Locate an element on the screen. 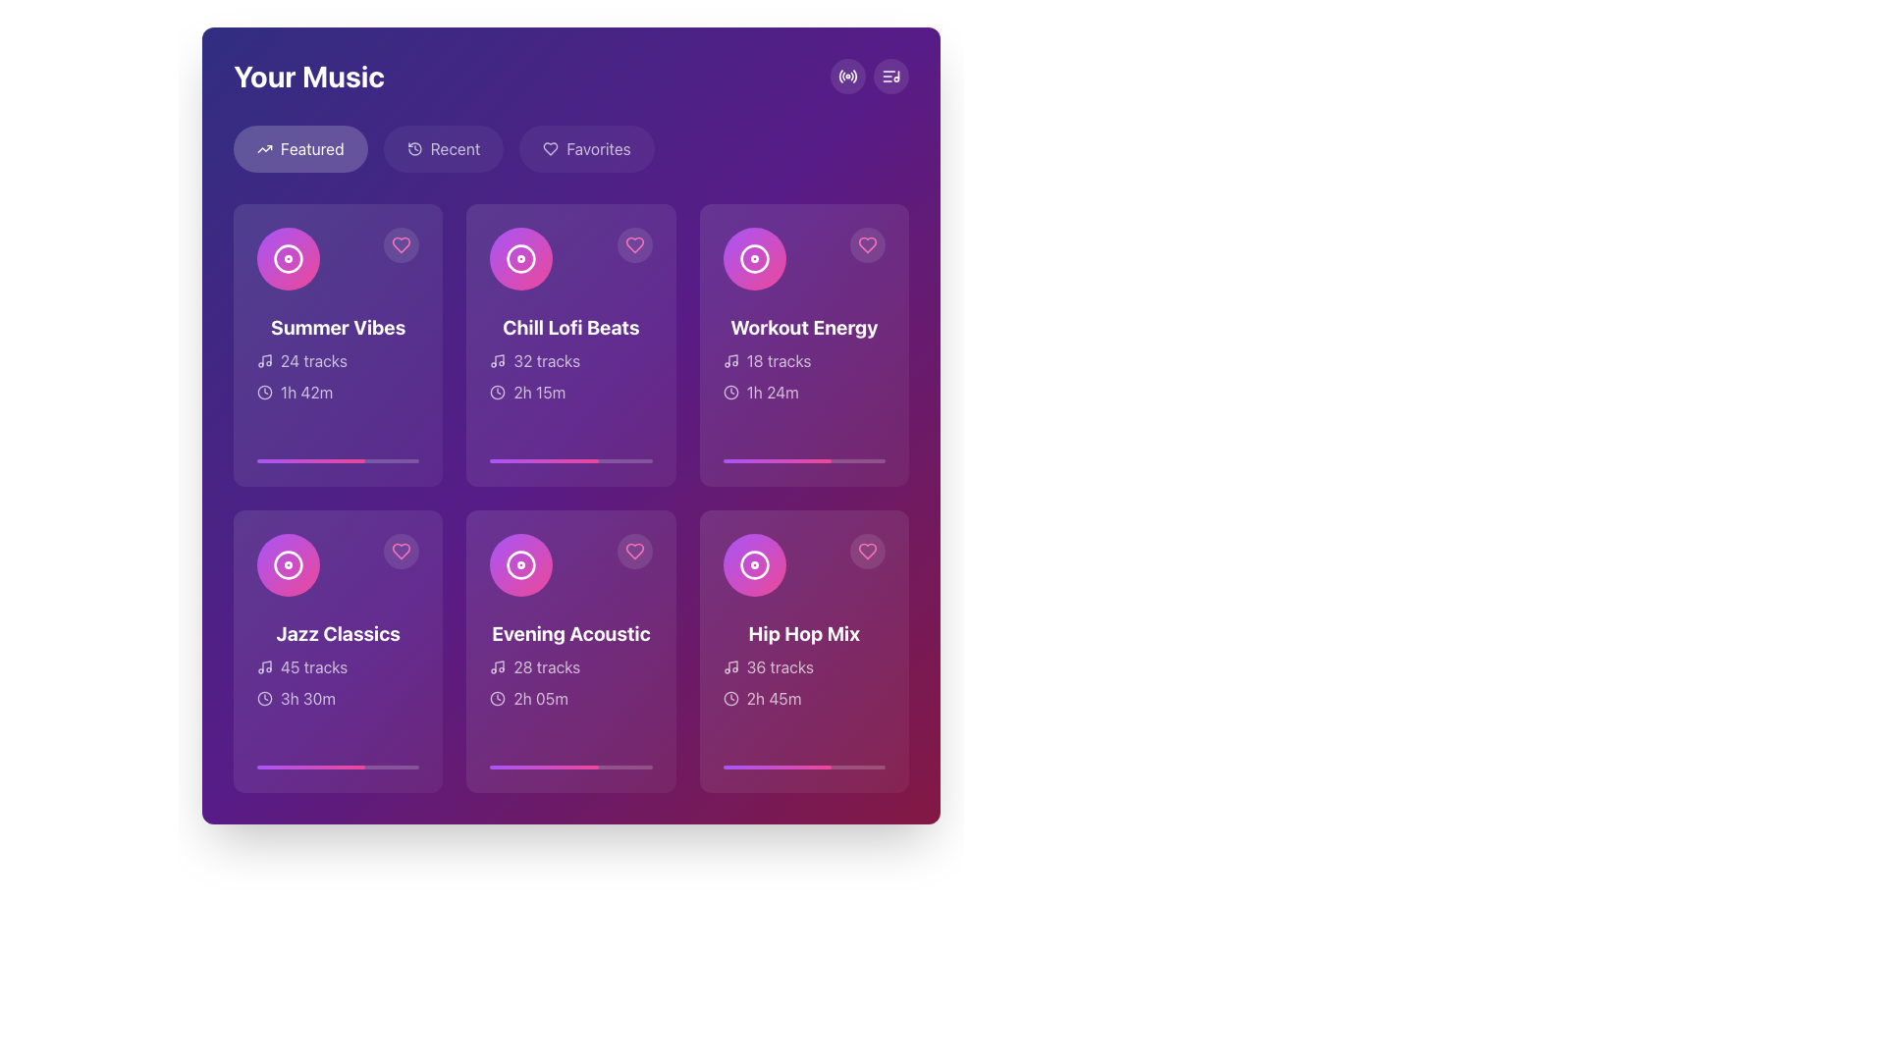 The height and width of the screenshot is (1060, 1885). the music playlist card located in the second column of the second row, which contains details about a music playlist or album is located at coordinates (569, 651).